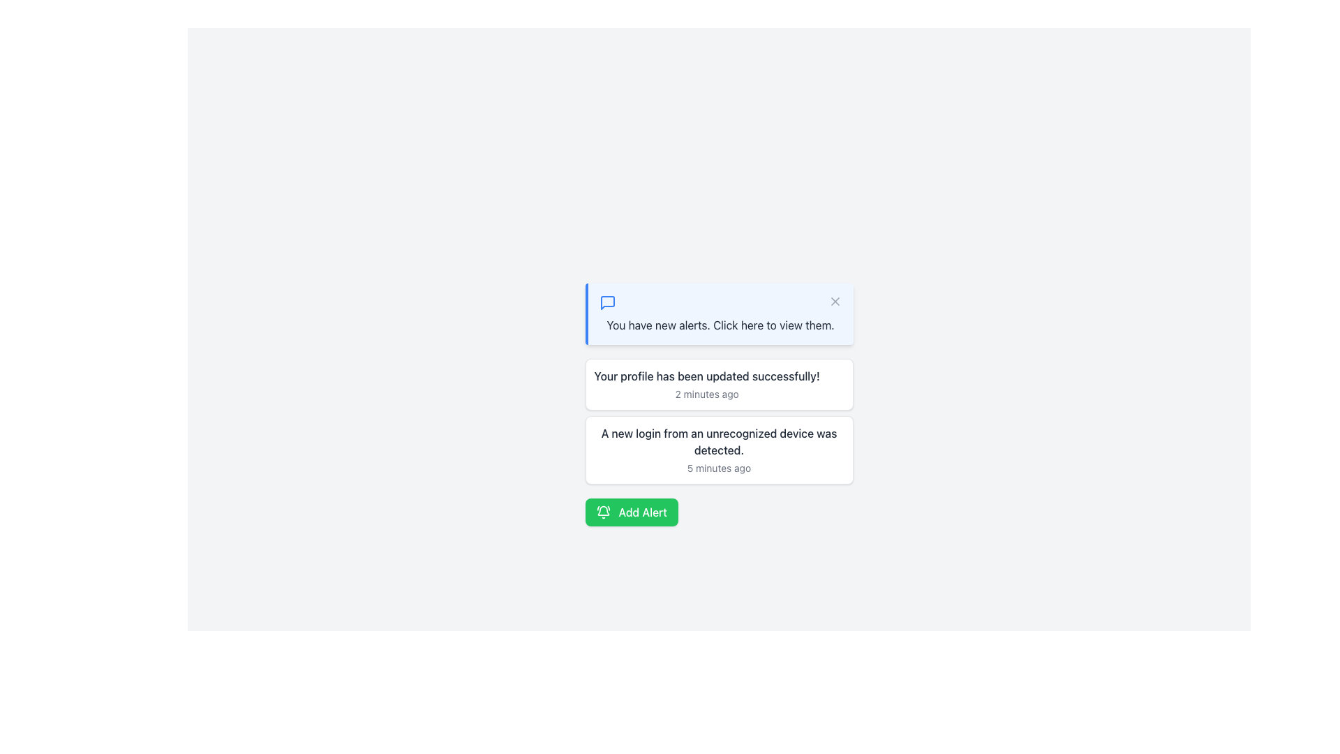  Describe the element at coordinates (707, 385) in the screenshot. I see `success message displayed in the notification message informing the user about a recent update to their profile` at that location.